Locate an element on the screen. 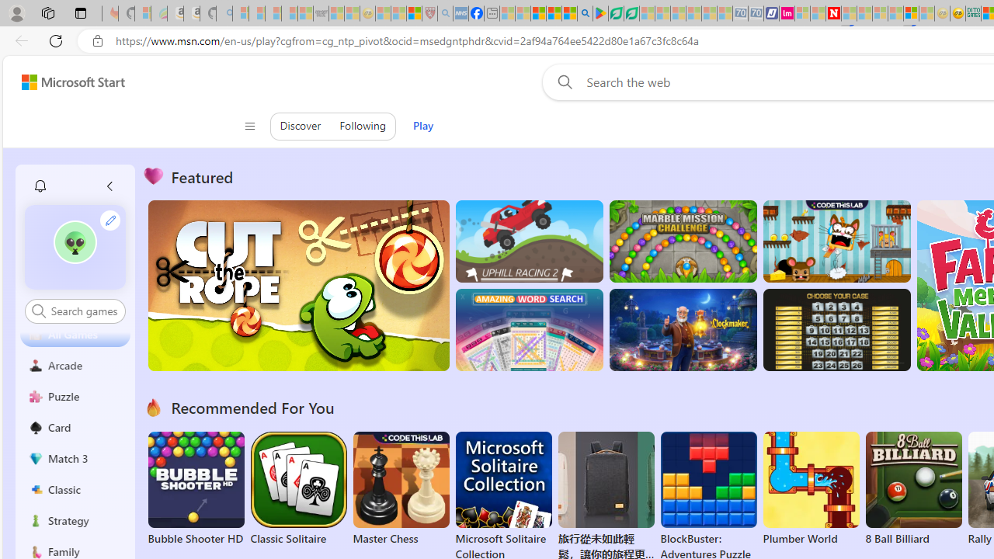  'Amazing Word Search' is located at coordinates (529, 329).